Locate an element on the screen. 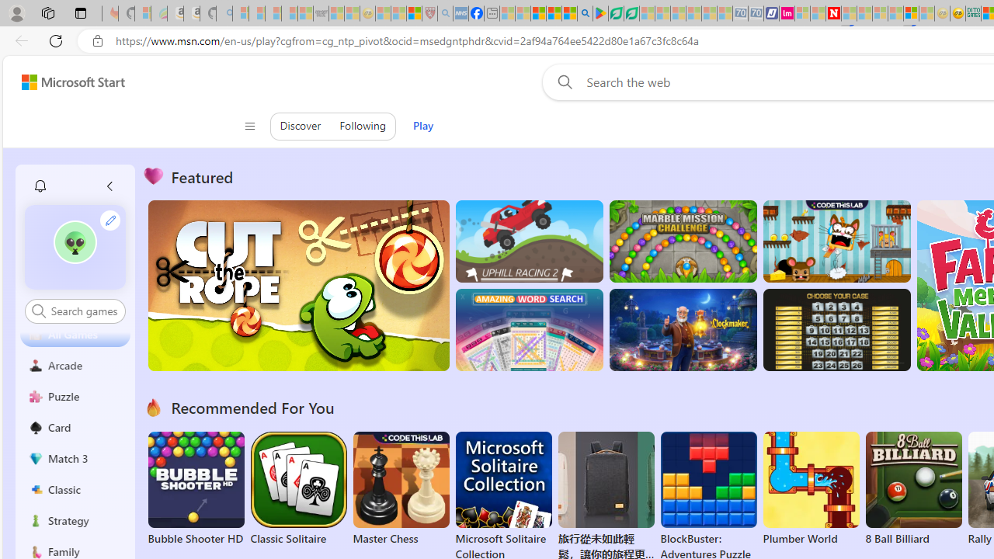  'Amazing Word Search' is located at coordinates (529, 329).